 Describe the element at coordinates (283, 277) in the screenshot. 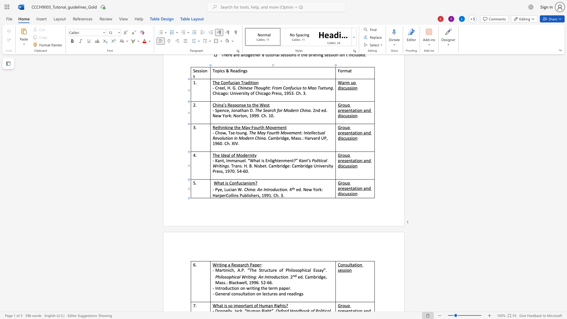

I see `the space between the continuous character "i" and "o" in the text` at that location.